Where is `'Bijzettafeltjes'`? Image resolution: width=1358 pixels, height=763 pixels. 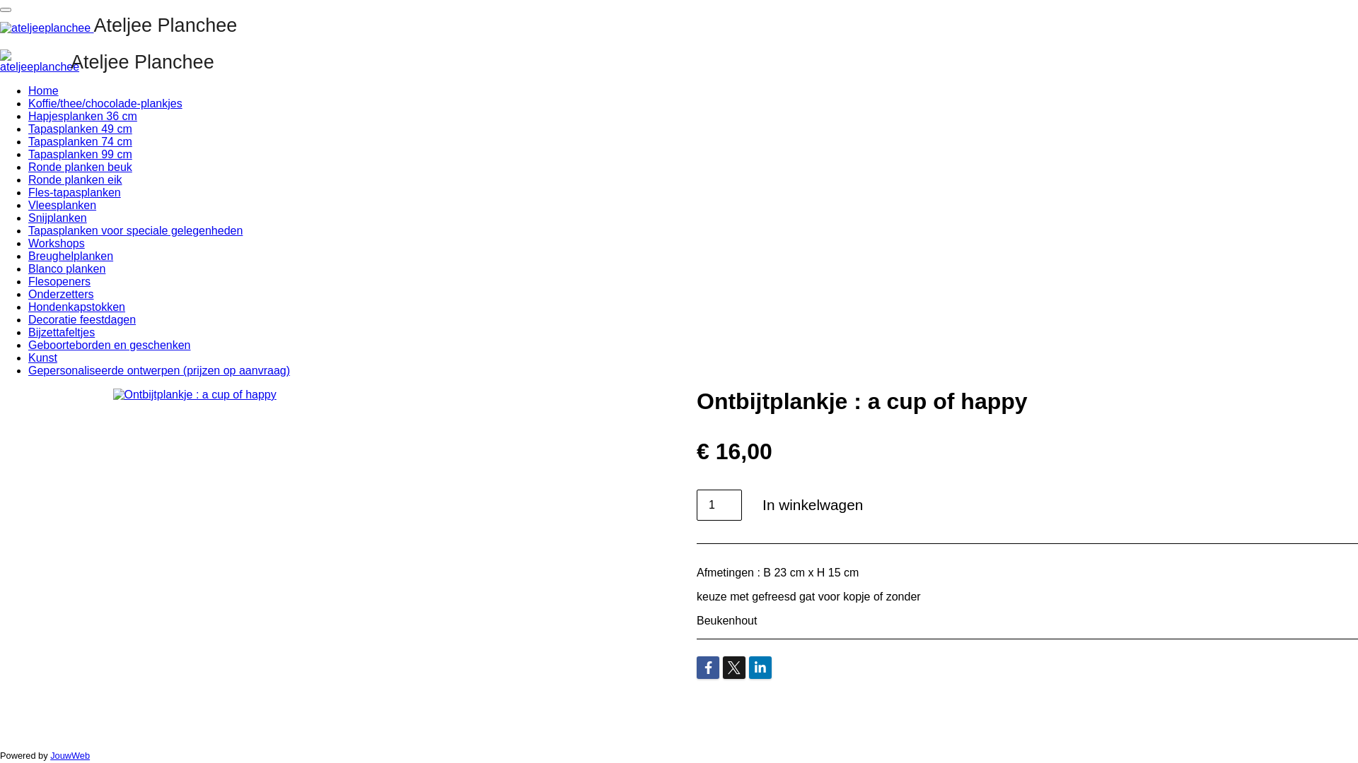 'Bijzettafeltjes' is located at coordinates (60, 332).